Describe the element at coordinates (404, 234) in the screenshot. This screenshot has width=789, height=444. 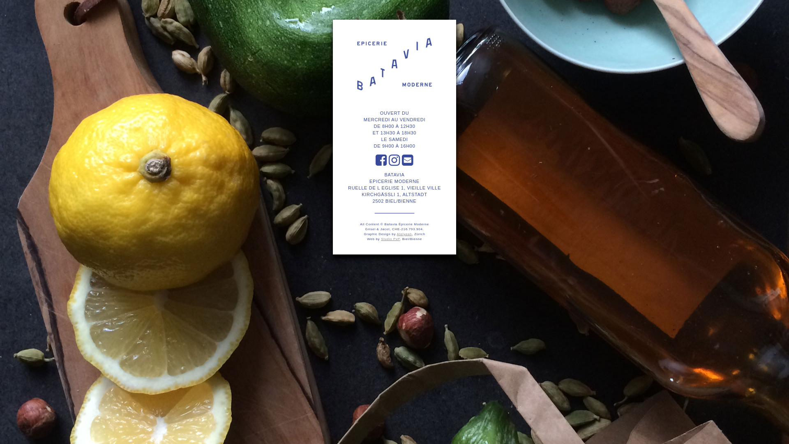
I see `'Atelyeah'` at that location.